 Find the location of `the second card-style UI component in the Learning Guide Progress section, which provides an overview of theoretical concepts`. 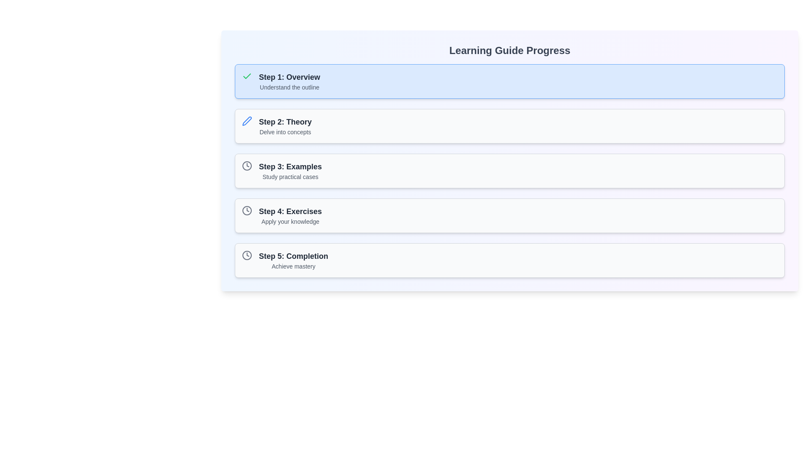

the second card-style UI component in the Learning Guide Progress section, which provides an overview of theoretical concepts is located at coordinates (509, 126).